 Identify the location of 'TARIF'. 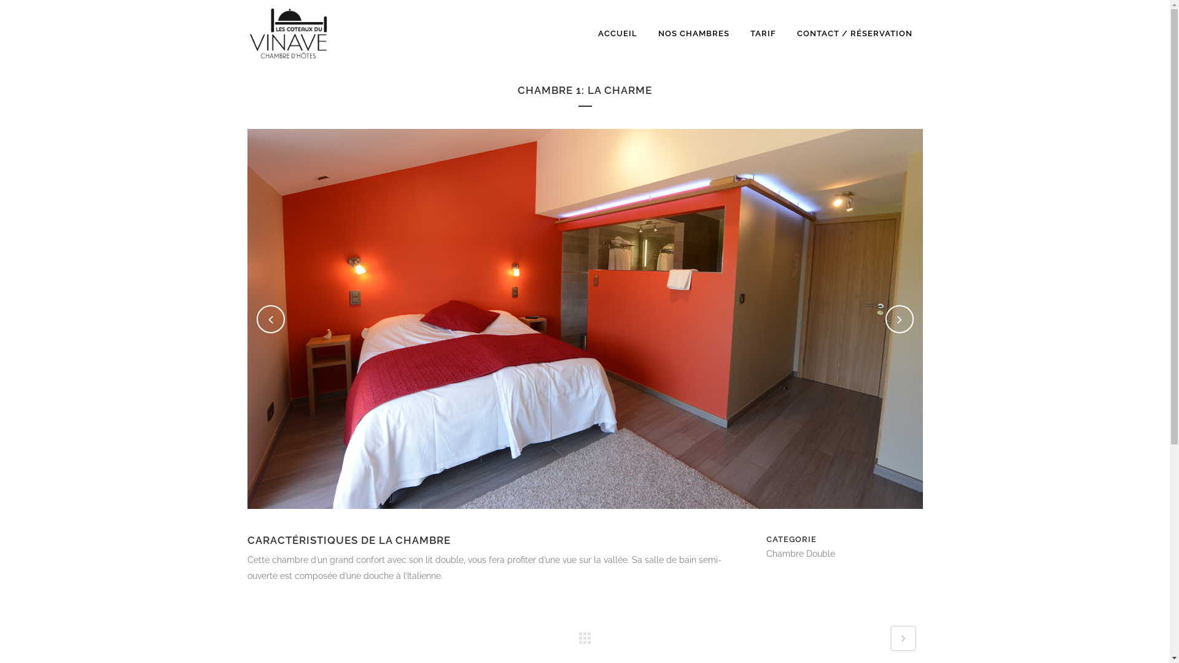
(762, 33).